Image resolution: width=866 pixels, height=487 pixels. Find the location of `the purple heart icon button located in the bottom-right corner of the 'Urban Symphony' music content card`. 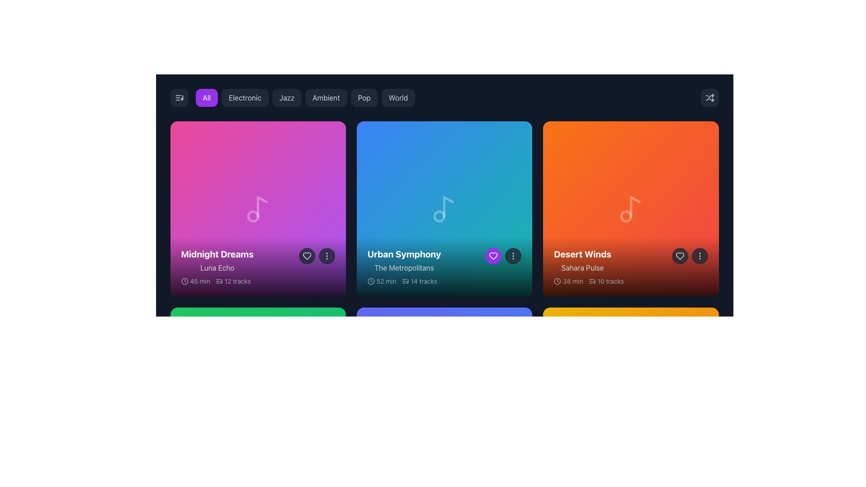

the purple heart icon button located in the bottom-right corner of the 'Urban Symphony' music content card is located at coordinates (493, 256).